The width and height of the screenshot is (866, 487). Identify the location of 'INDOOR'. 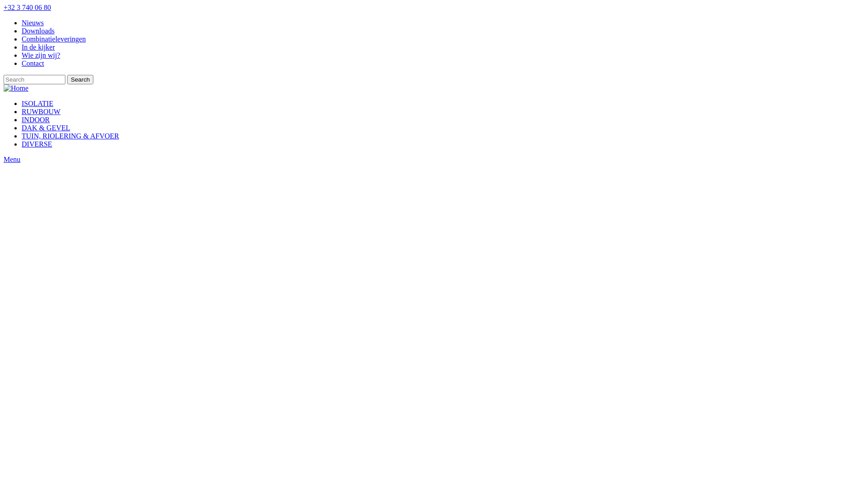
(35, 119).